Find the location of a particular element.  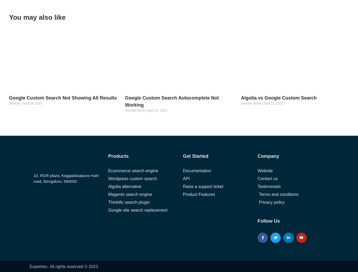

'Google site search replacement' is located at coordinates (138, 210).